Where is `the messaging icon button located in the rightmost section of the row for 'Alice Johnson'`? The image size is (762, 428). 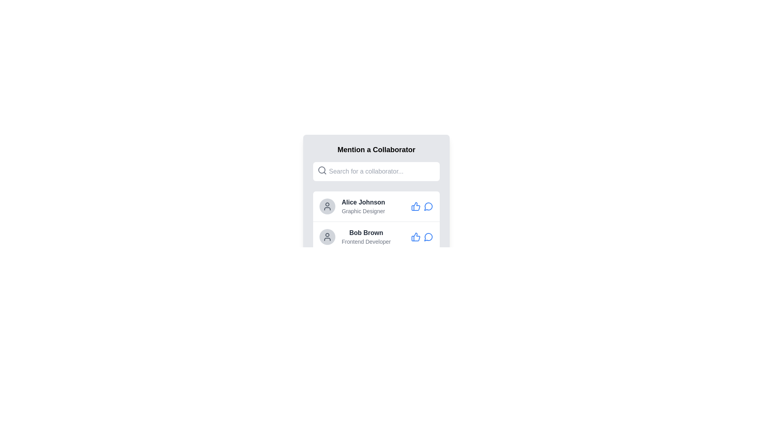
the messaging icon button located in the rightmost section of the row for 'Alice Johnson' is located at coordinates (428, 206).